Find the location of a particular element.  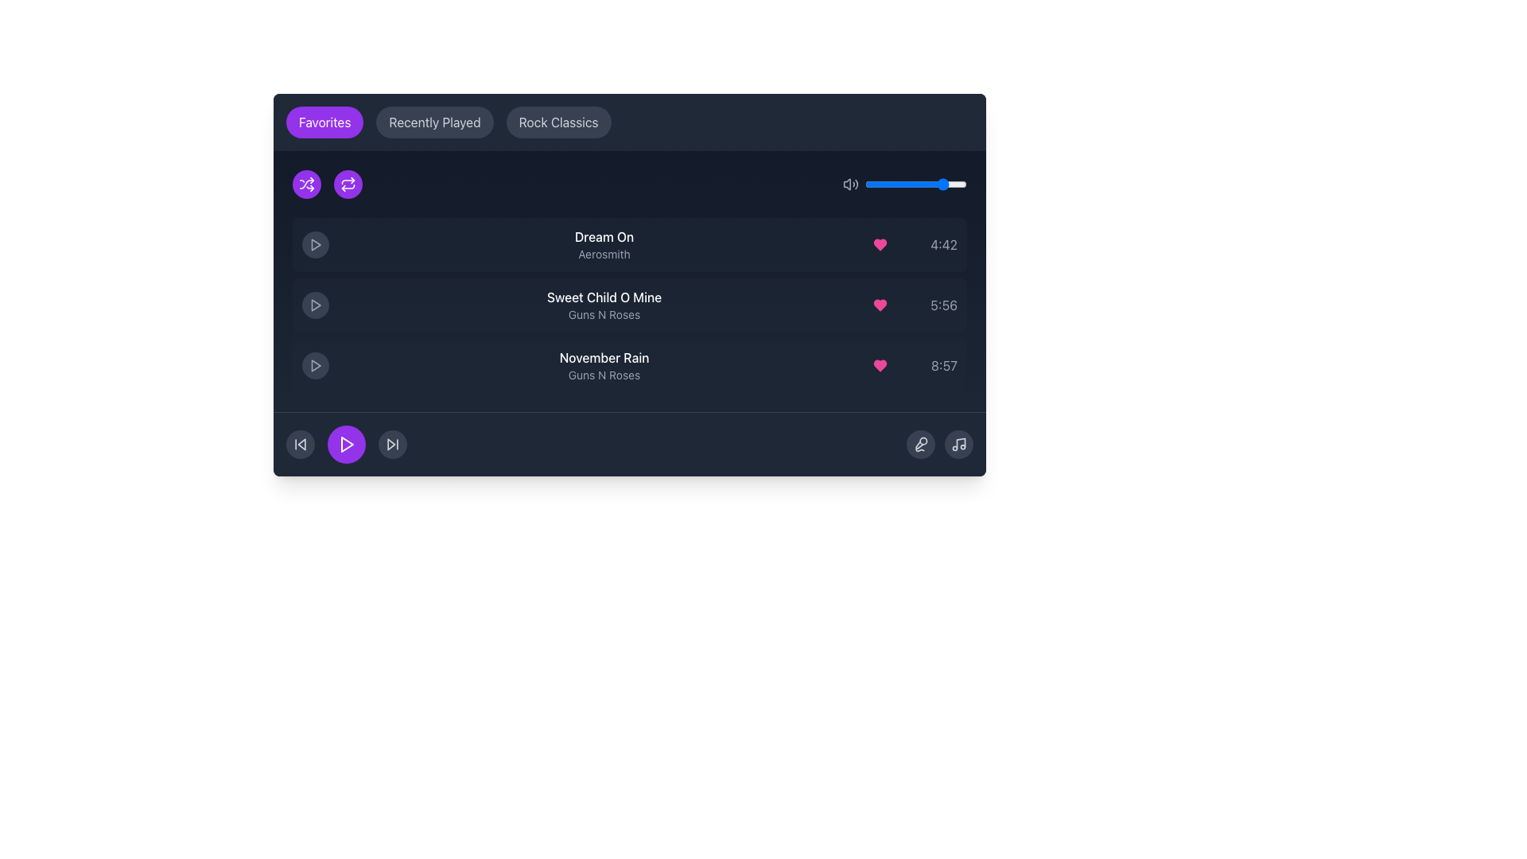

the heart-shaped icon, which serves as a button to mark the track as a favorite is located at coordinates (880, 245).